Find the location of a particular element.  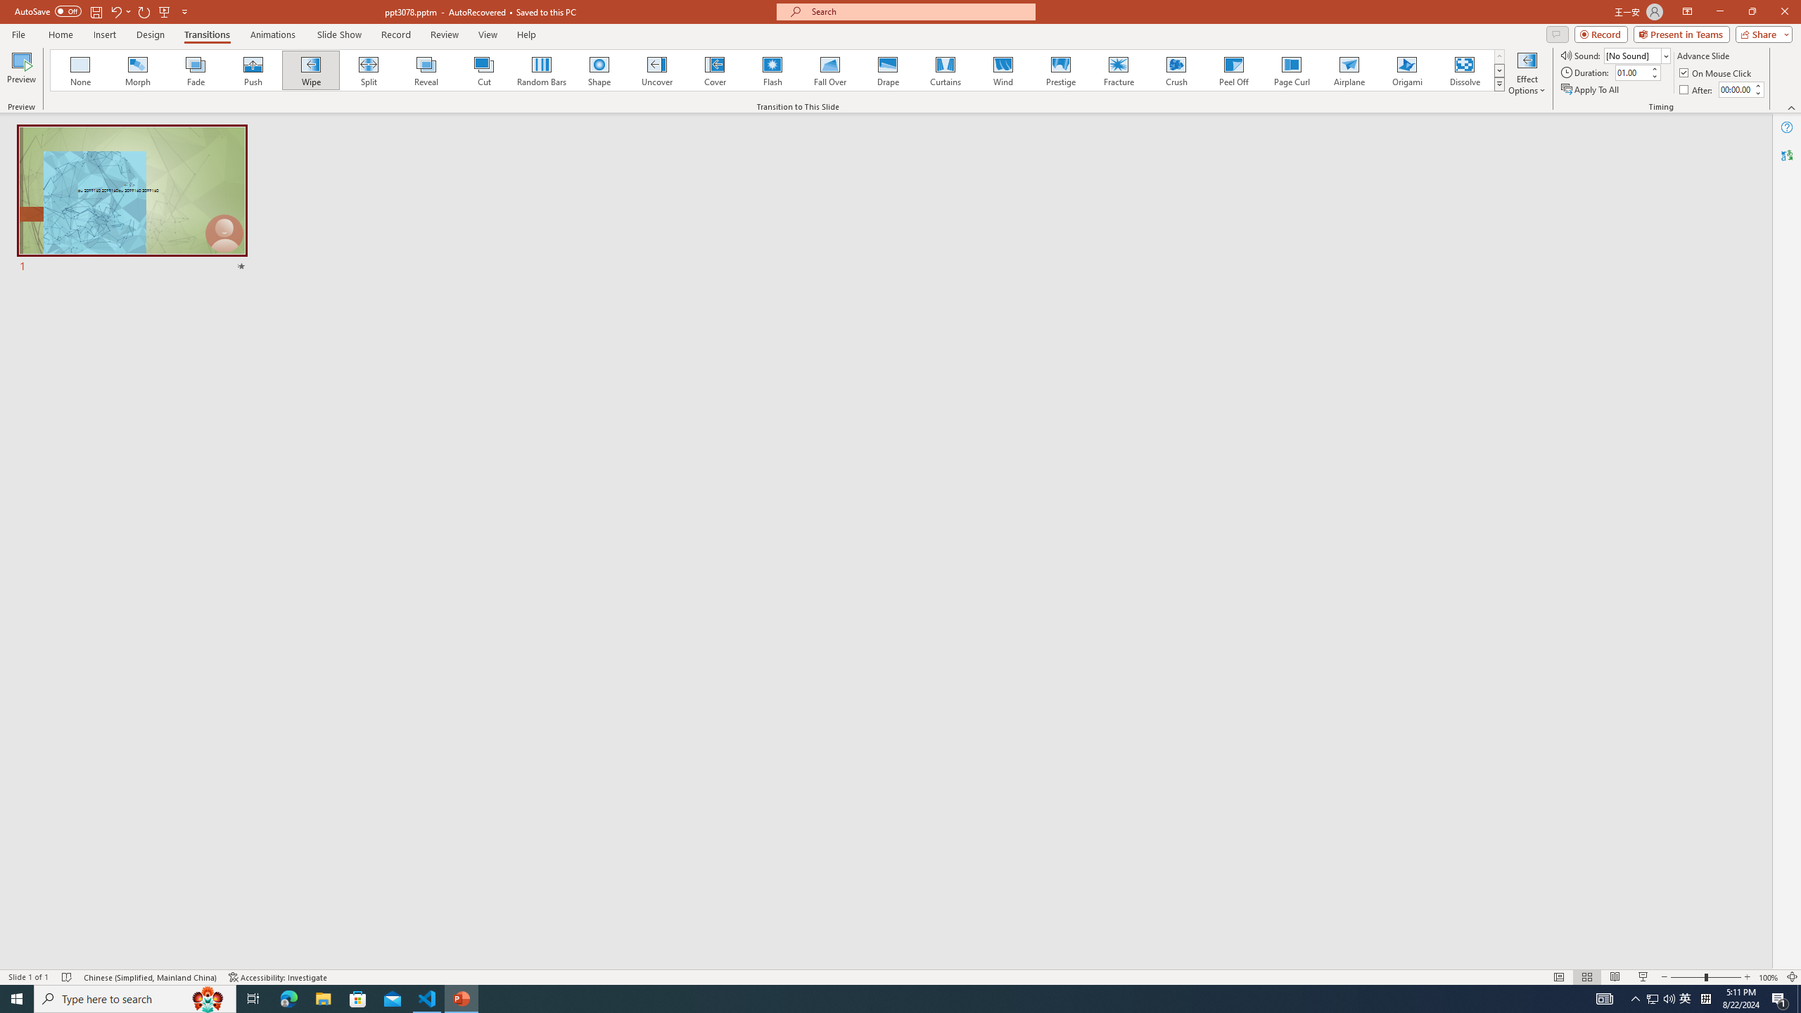

'Prestige' is located at coordinates (1060, 70).